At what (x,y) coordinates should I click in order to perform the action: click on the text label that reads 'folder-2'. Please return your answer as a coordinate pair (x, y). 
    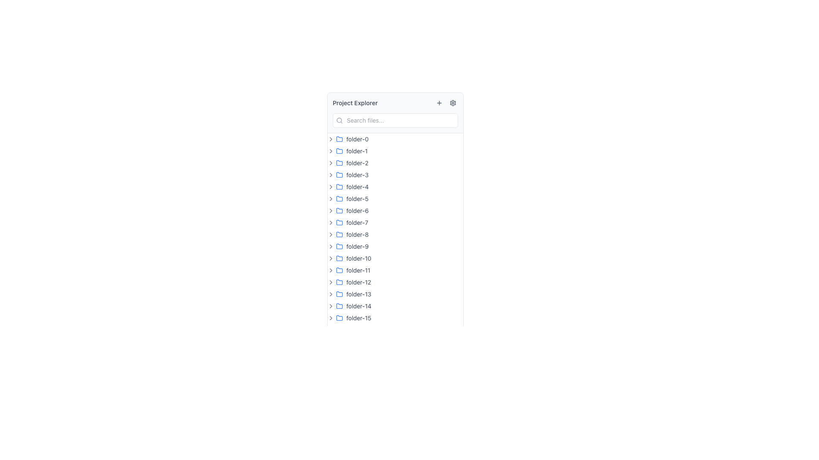
    Looking at the image, I should click on (357, 163).